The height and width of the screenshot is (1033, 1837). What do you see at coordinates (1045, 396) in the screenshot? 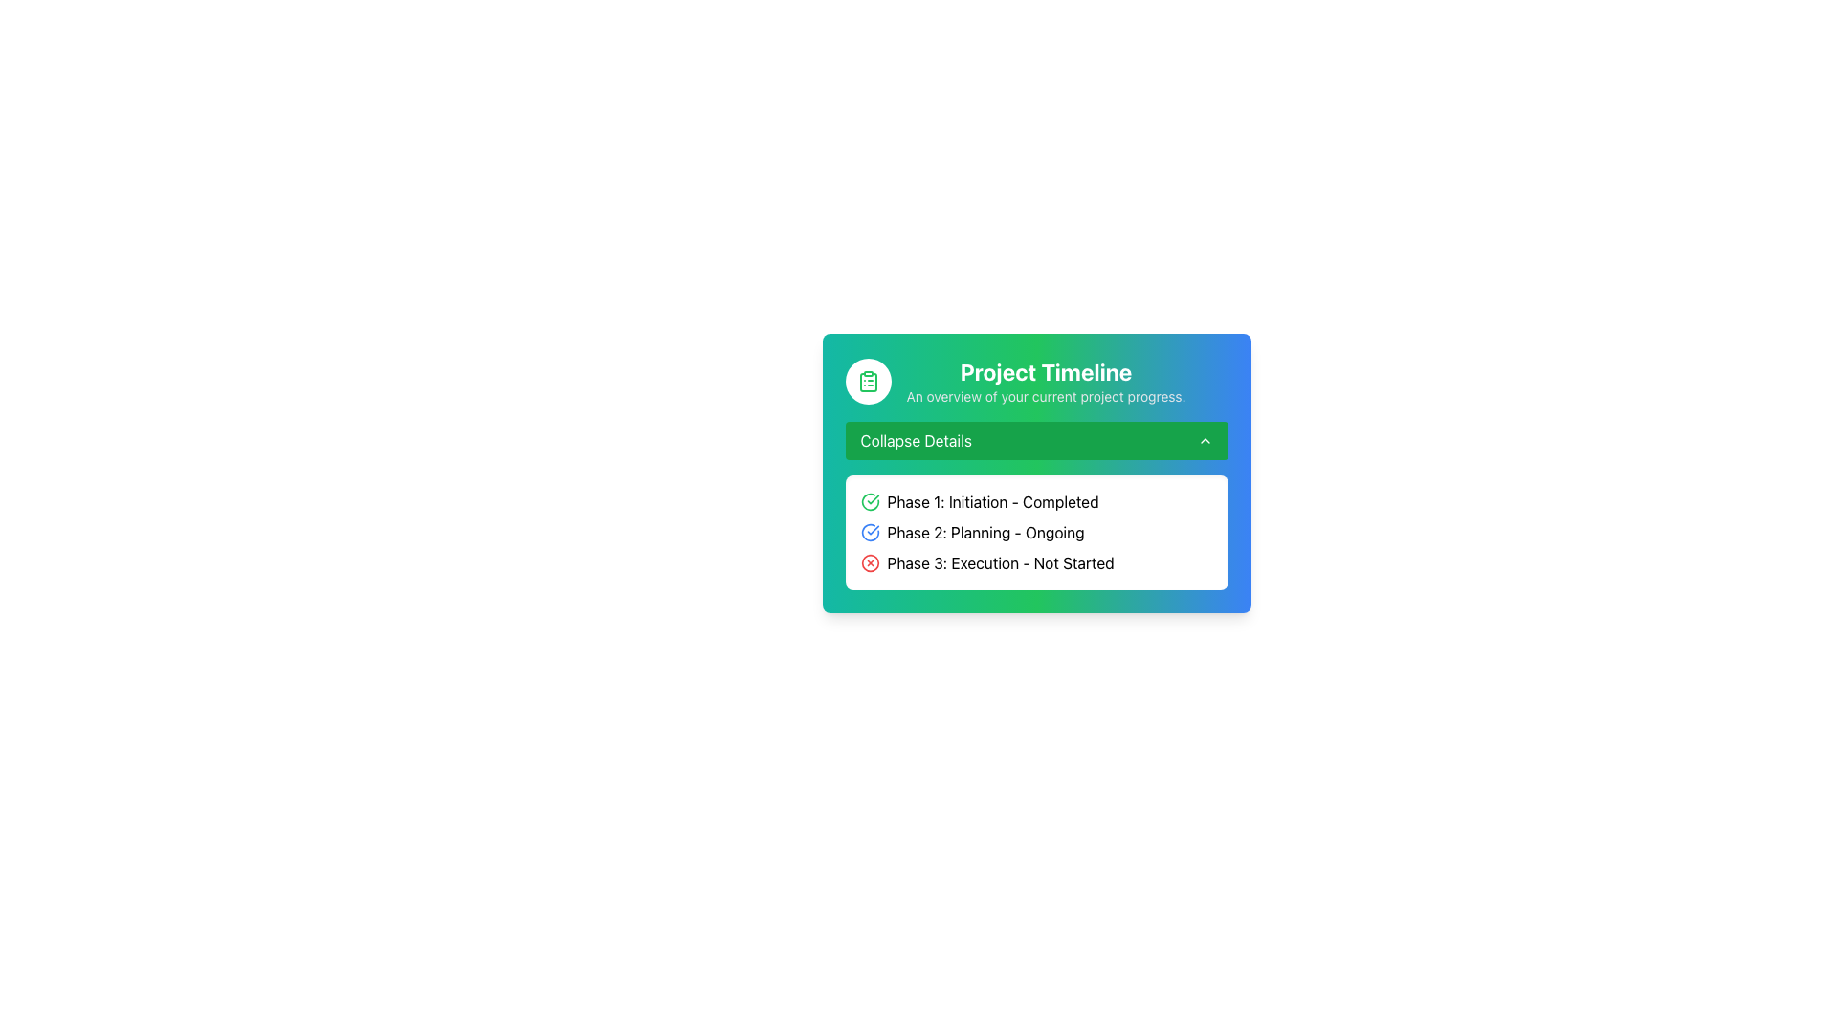
I see `the text label containing 'An overview of your current project progress.'` at bounding box center [1045, 396].